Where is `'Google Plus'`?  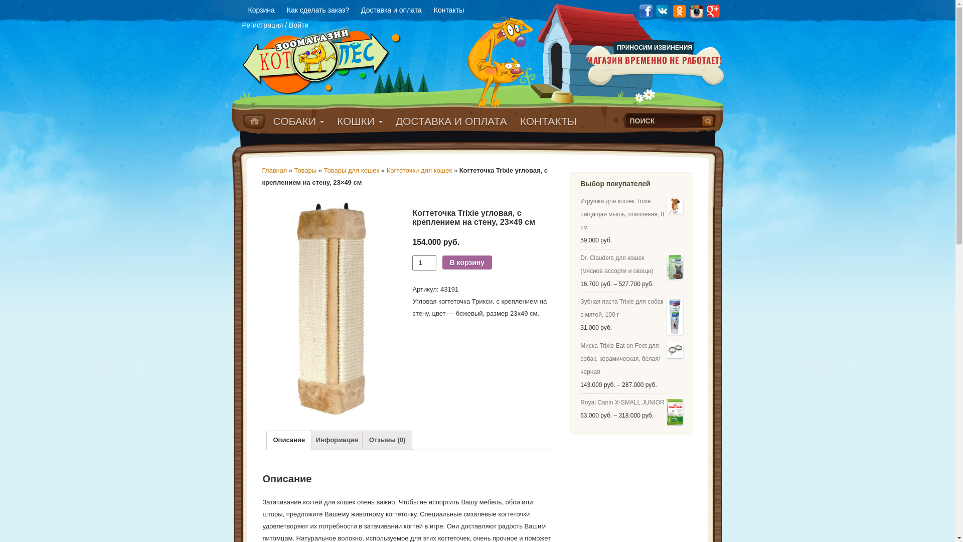
'Google Plus' is located at coordinates (713, 10).